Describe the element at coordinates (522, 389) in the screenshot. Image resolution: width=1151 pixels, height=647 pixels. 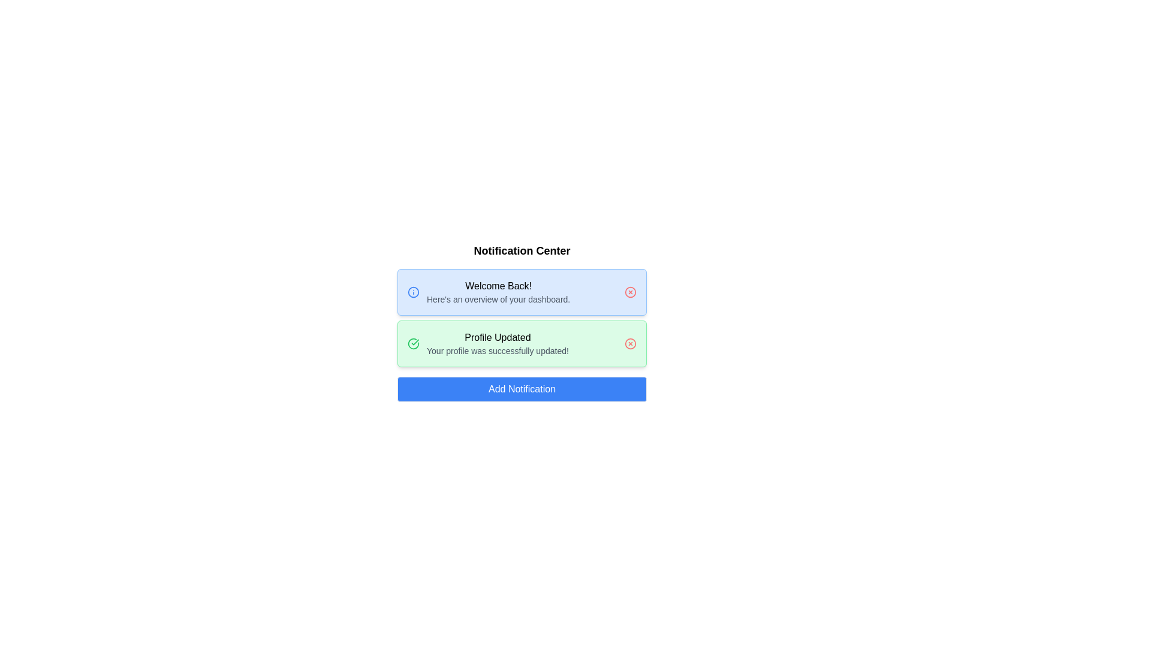
I see `the 'Add New Notification' button located at the bottom of the 'Notification Center' section` at that location.